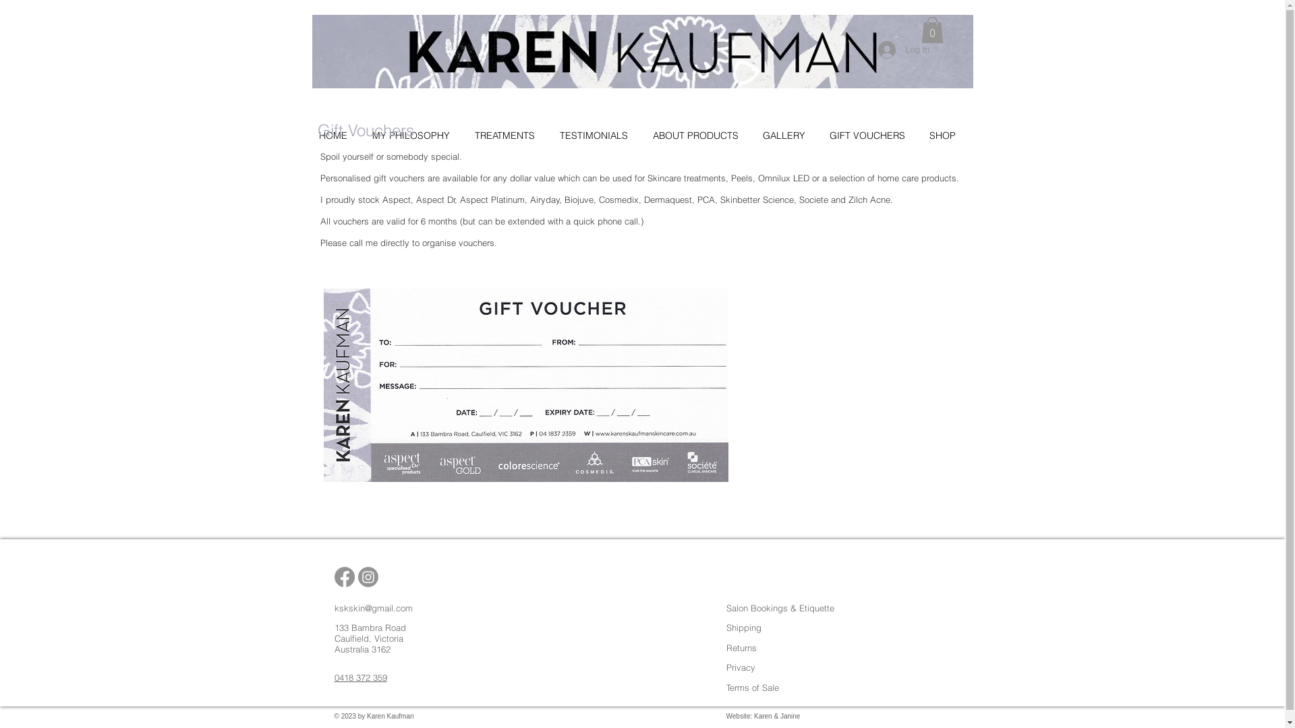 Image resolution: width=1295 pixels, height=728 pixels. I want to click on 'Salon Bookings & Etiquette', so click(780, 608).